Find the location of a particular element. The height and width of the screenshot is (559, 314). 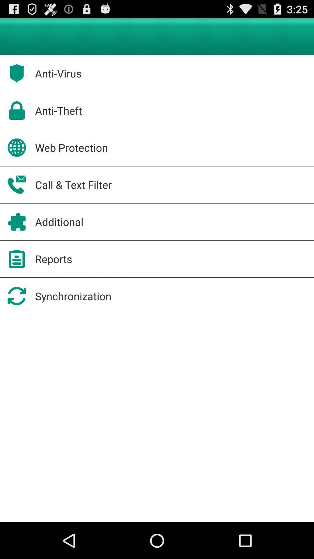

icon above the synchronization icon is located at coordinates (53, 259).